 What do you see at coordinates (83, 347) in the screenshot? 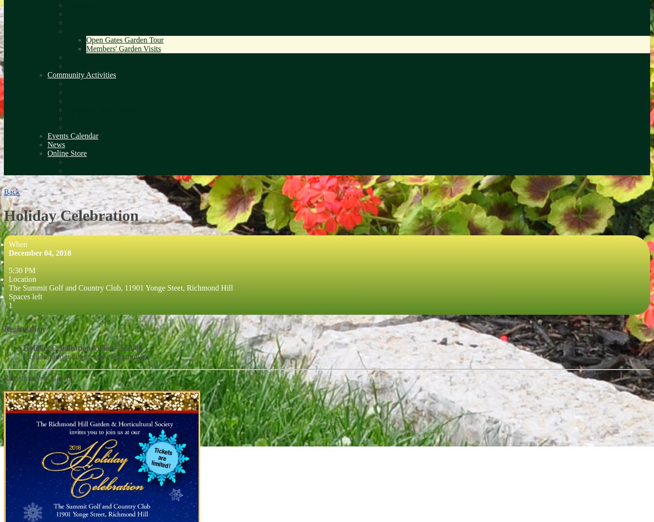
I see `'Holiday Celebration Ticket – $55.00'` at bounding box center [83, 347].